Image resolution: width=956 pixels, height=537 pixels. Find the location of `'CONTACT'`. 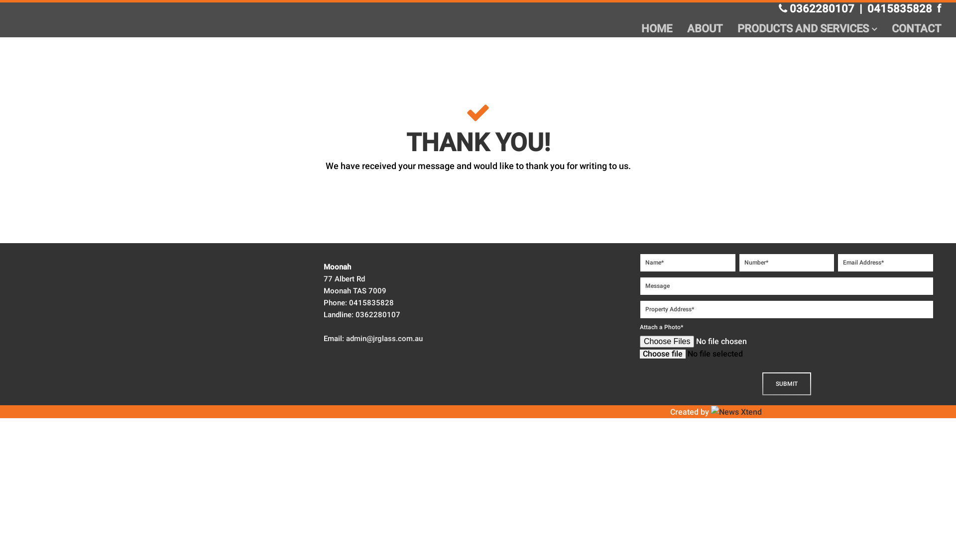

'CONTACT' is located at coordinates (891, 28).